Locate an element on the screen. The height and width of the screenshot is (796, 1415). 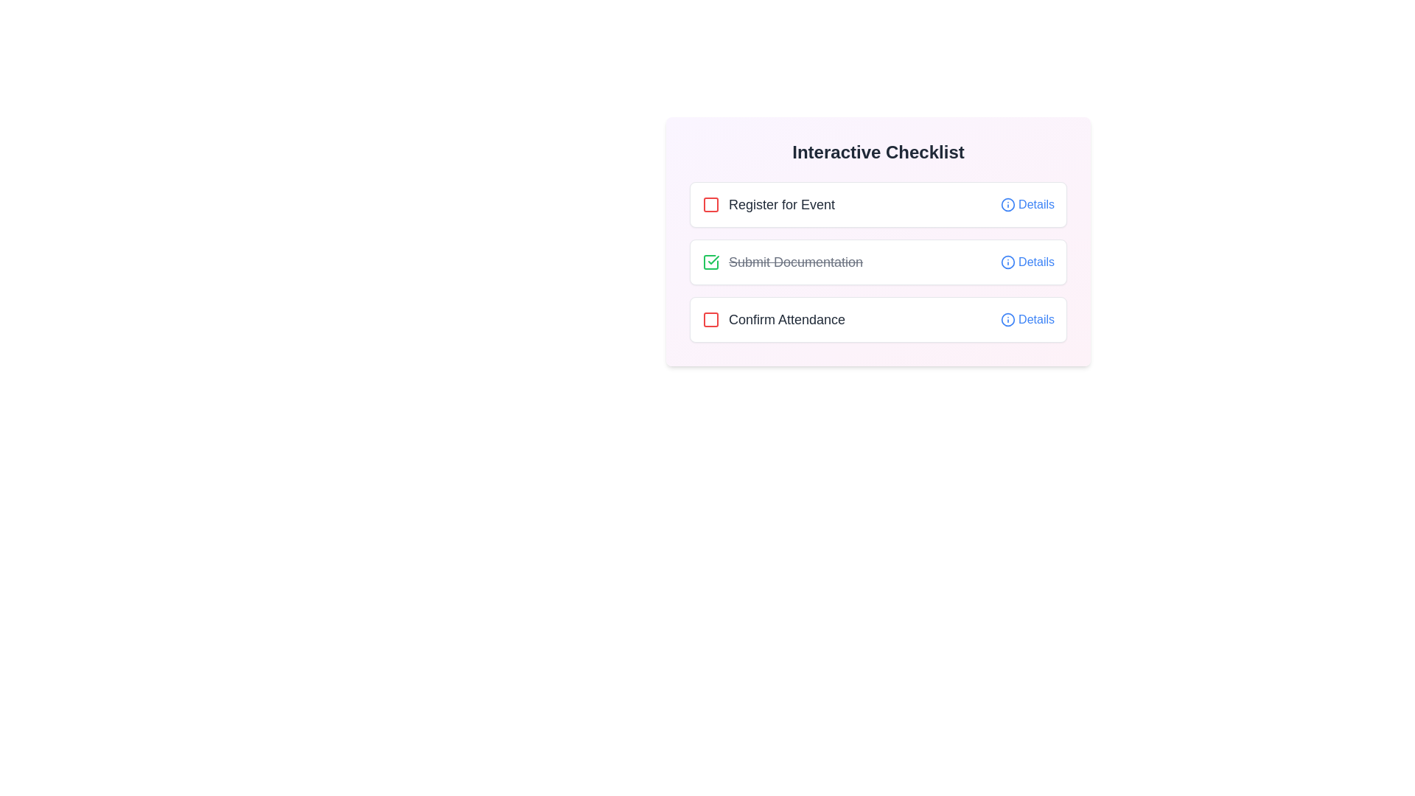
the checkbox-like component located to the left of the 'Register for Event' label is located at coordinates (710, 204).